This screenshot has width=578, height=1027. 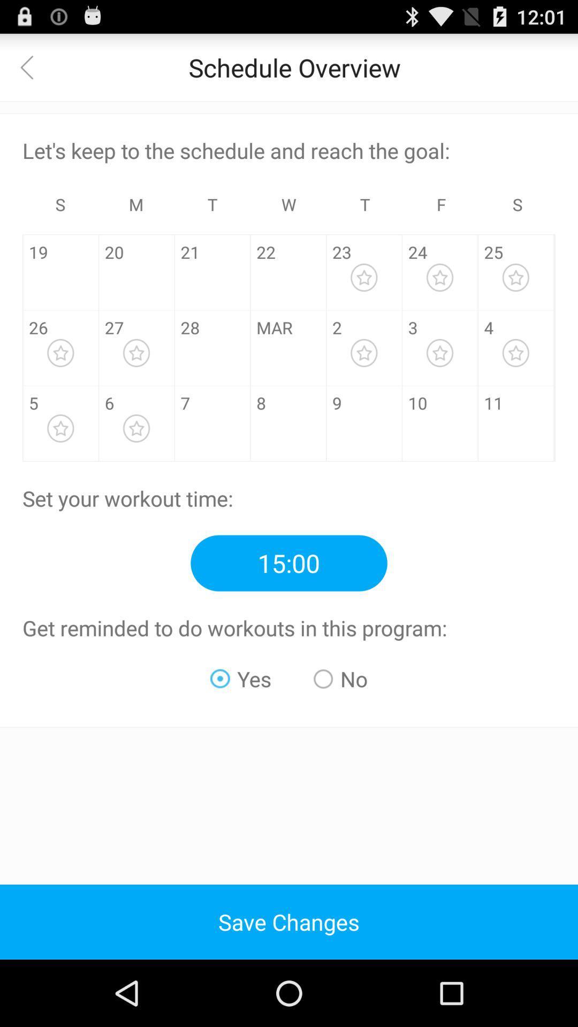 I want to click on the item below the get reminded to icon, so click(x=340, y=678).